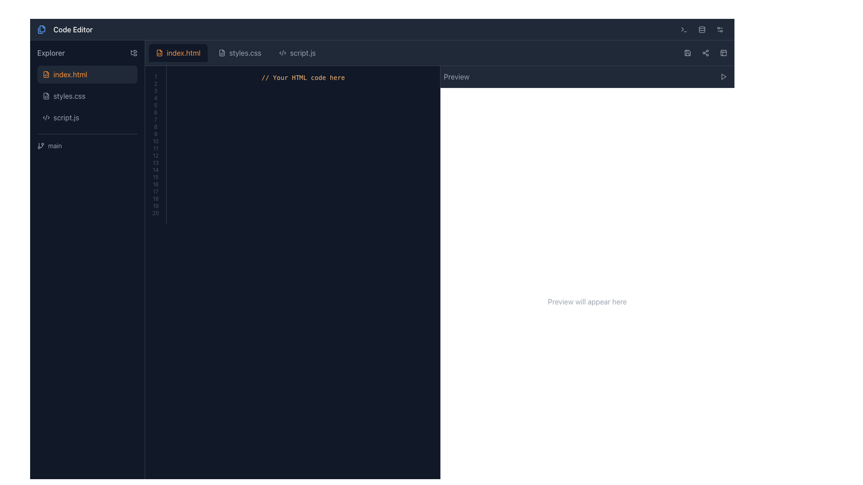 This screenshot has height=485, width=863. What do you see at coordinates (723, 76) in the screenshot?
I see `the small triangular-shaped icon resembling a play button, which is located in the top right corner of the horizontal toolbar` at bounding box center [723, 76].